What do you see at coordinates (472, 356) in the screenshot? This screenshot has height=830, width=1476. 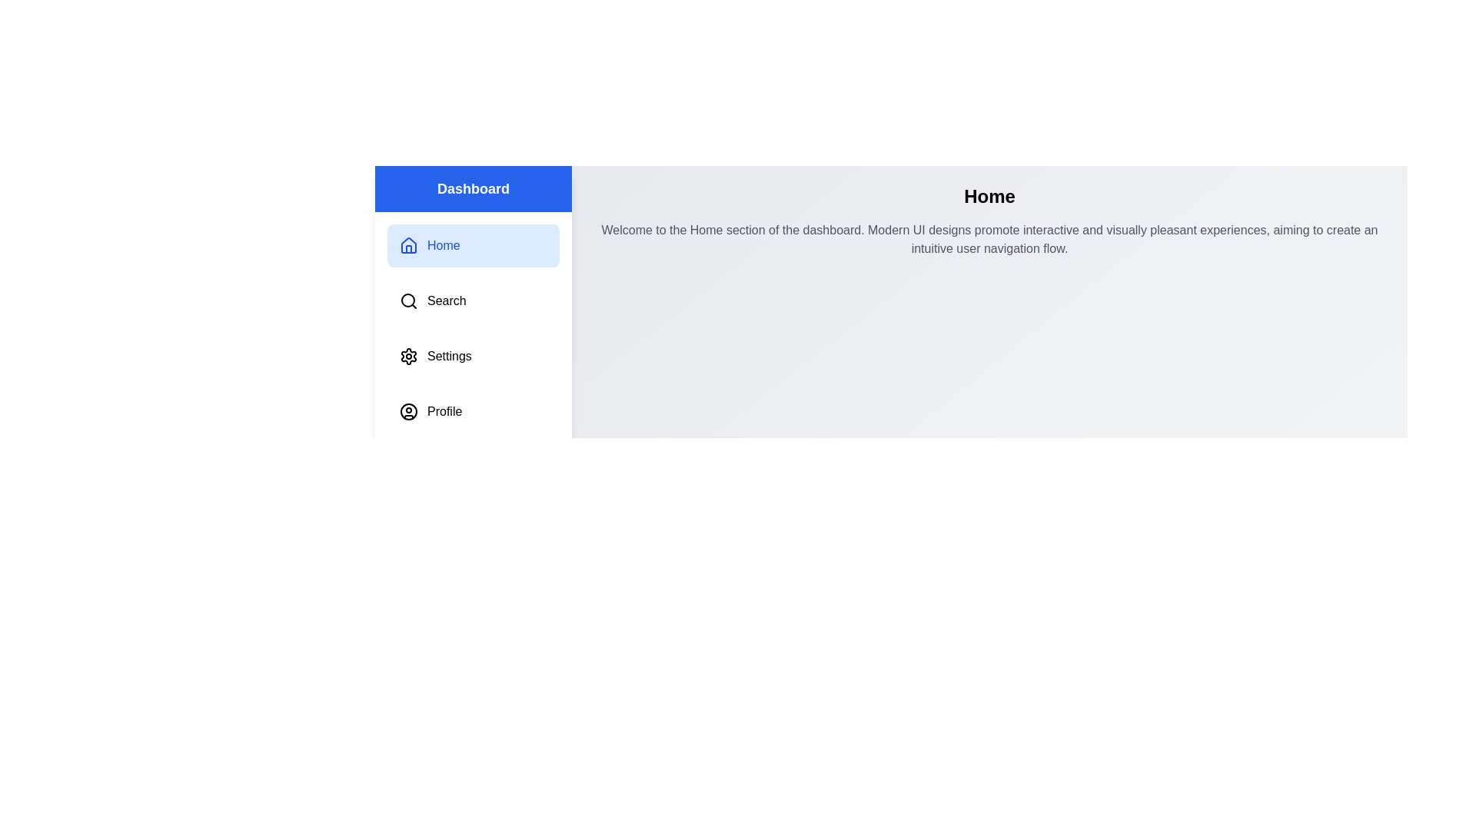 I see `the menu item labeled Settings` at bounding box center [472, 356].